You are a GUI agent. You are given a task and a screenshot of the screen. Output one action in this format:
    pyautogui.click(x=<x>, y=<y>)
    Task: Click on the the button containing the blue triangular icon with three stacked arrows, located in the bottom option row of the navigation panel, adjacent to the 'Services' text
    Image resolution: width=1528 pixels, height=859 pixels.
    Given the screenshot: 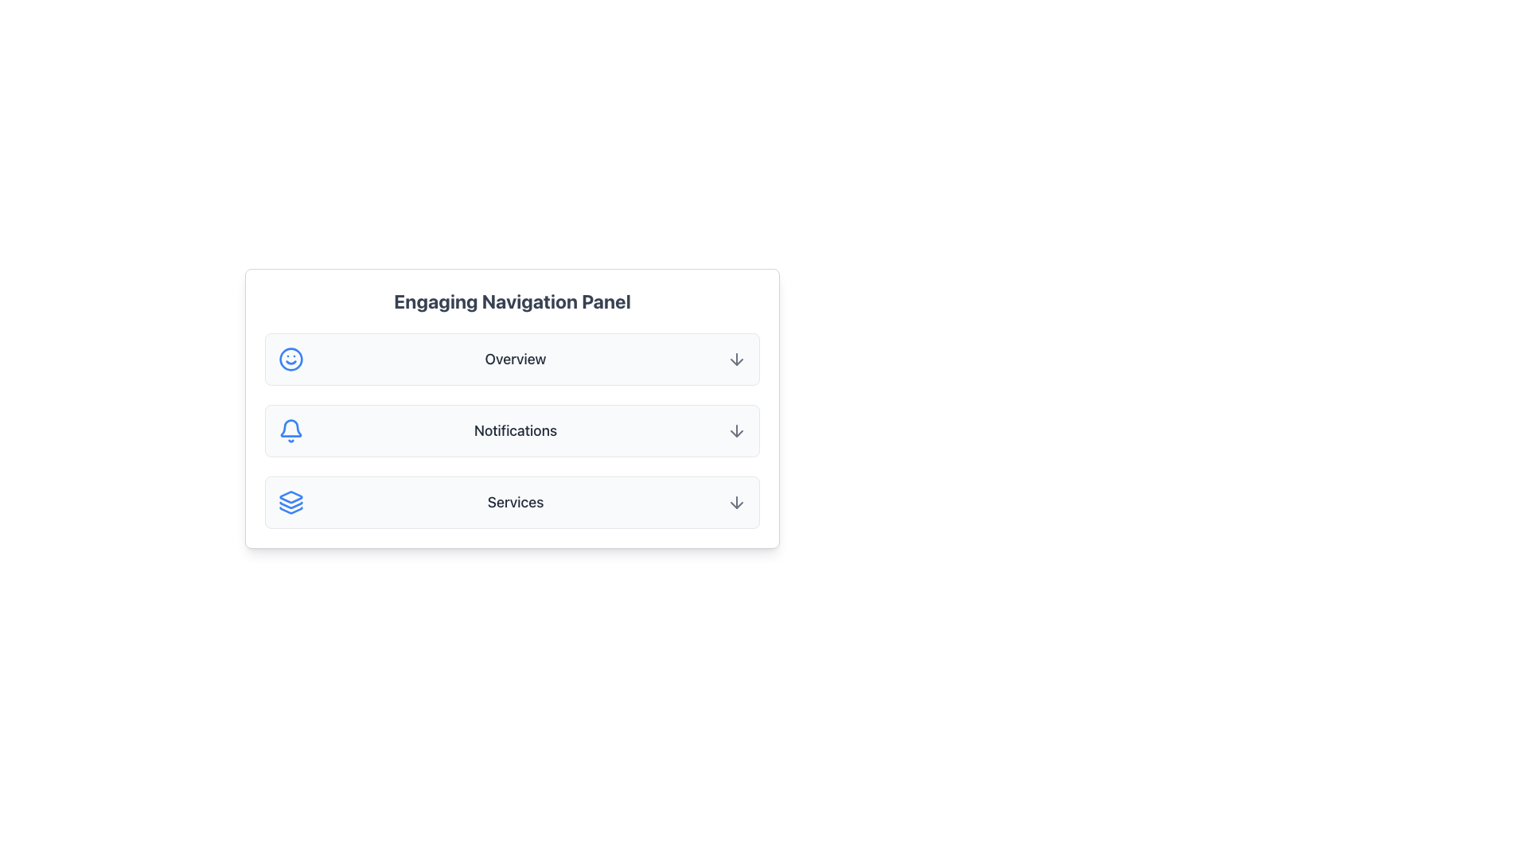 What is the action you would take?
    pyautogui.click(x=290, y=509)
    